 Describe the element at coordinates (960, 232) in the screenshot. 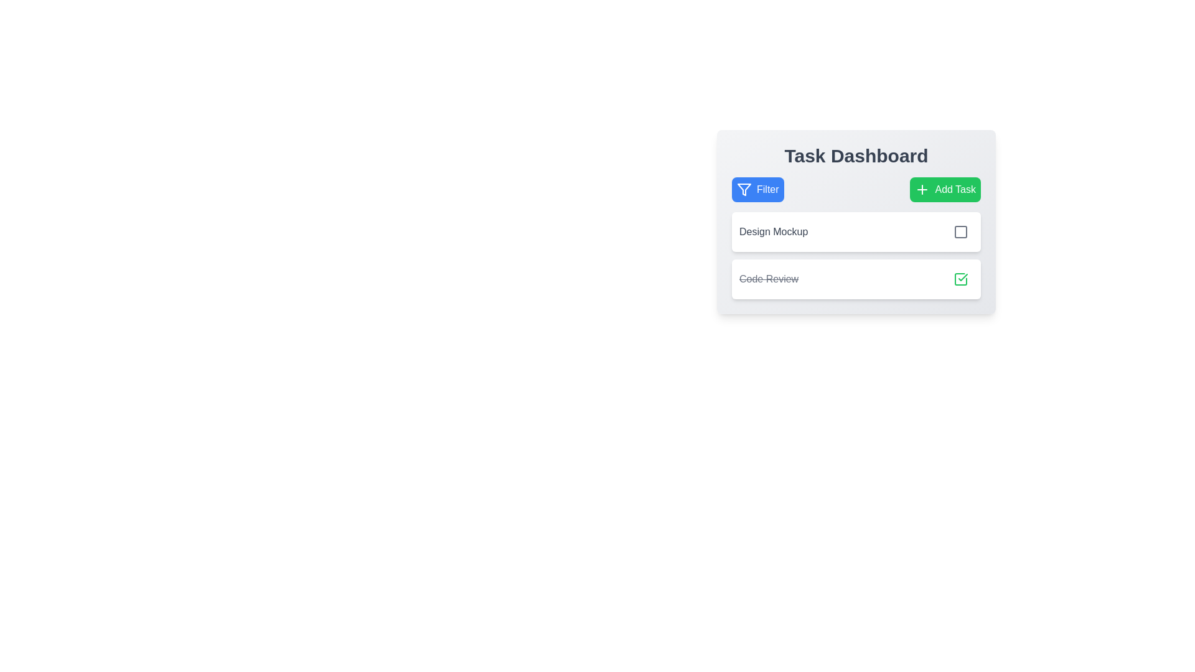

I see `the Icon Button located at the right edge of the 'Design Mockup' task row` at that location.